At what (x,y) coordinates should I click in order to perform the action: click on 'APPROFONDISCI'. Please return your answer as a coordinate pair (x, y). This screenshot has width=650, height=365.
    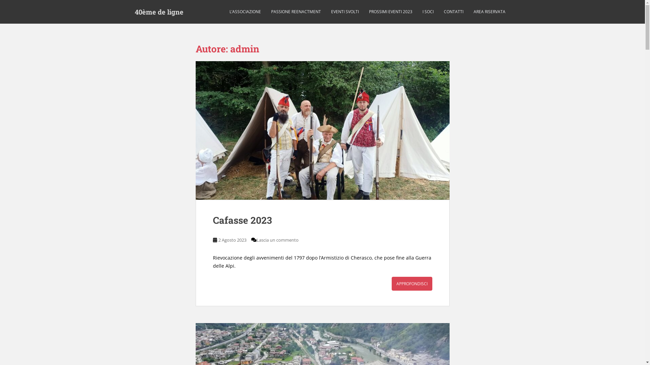
    Looking at the image, I should click on (391, 284).